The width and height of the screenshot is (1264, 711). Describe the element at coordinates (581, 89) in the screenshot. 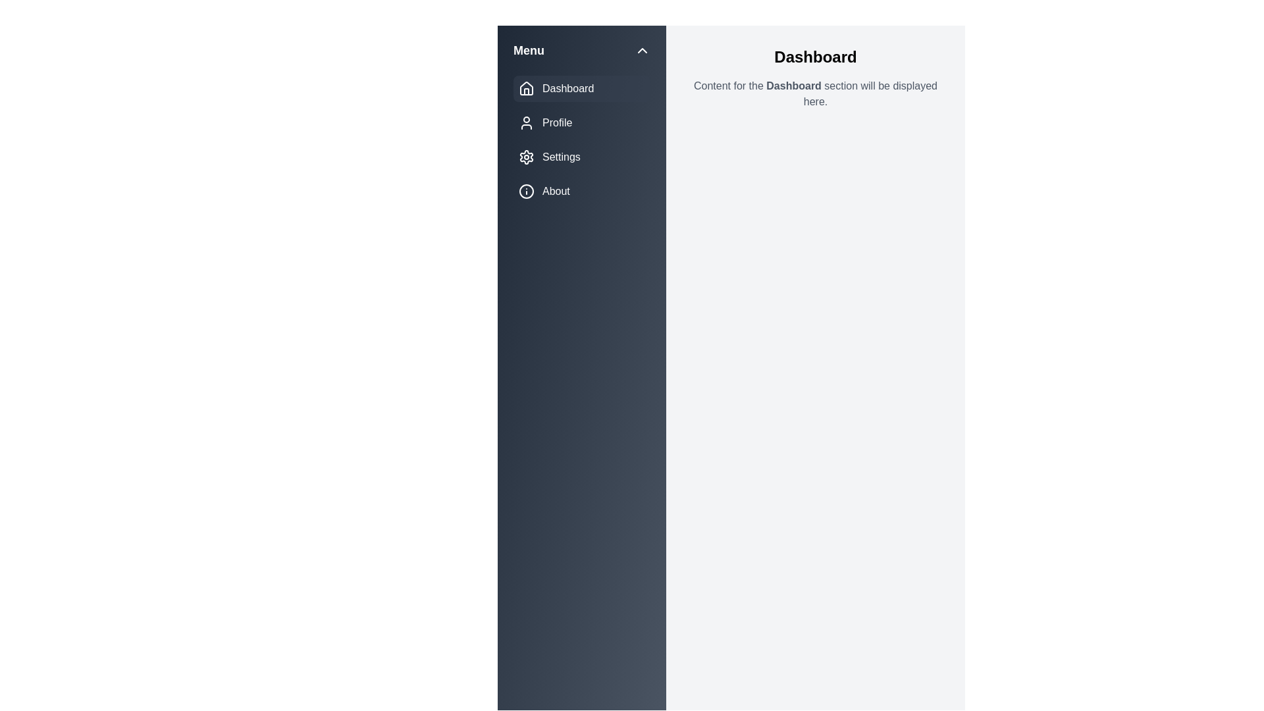

I see `the 'Dashboard' menu item, which is the first option in the vertical navigation bar on the left side of the interface, featuring a house icon and white text on a dark background` at that location.